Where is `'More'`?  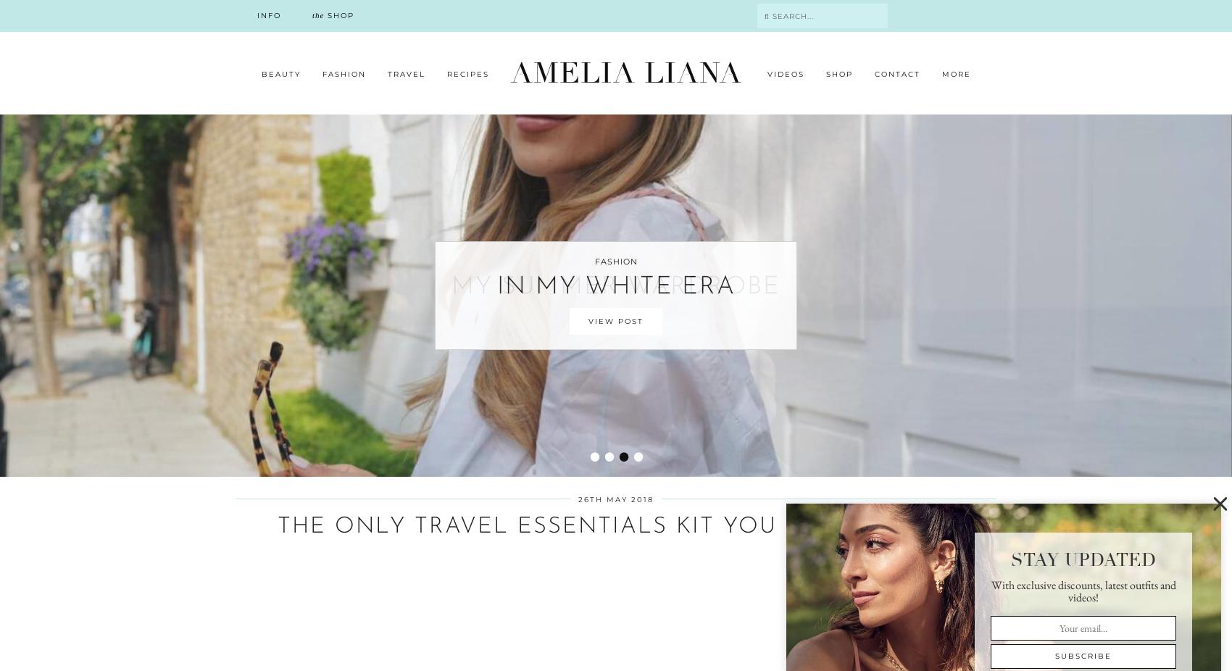
'More' is located at coordinates (941, 73).